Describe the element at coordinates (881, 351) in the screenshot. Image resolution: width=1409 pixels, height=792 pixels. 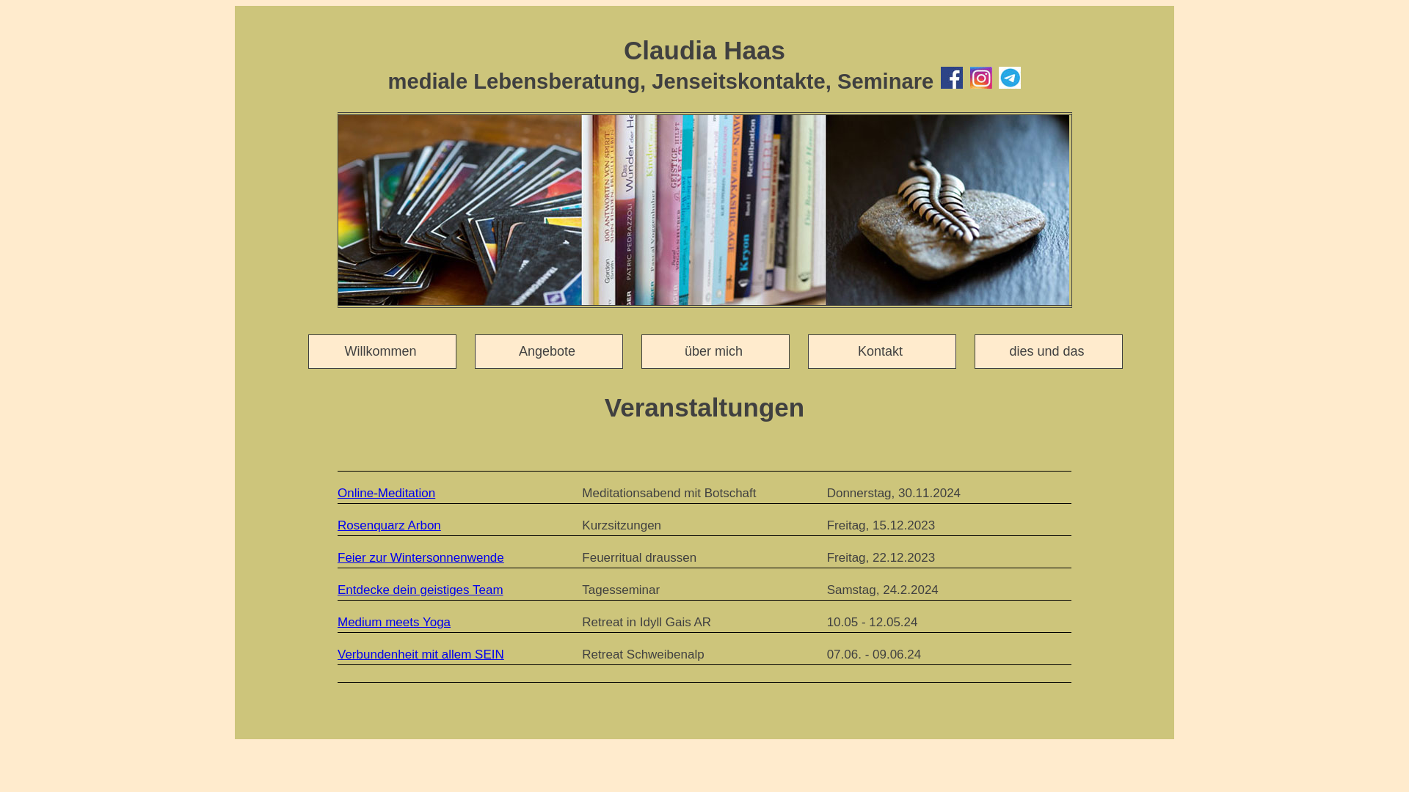
I see `'Kontakt '` at that location.